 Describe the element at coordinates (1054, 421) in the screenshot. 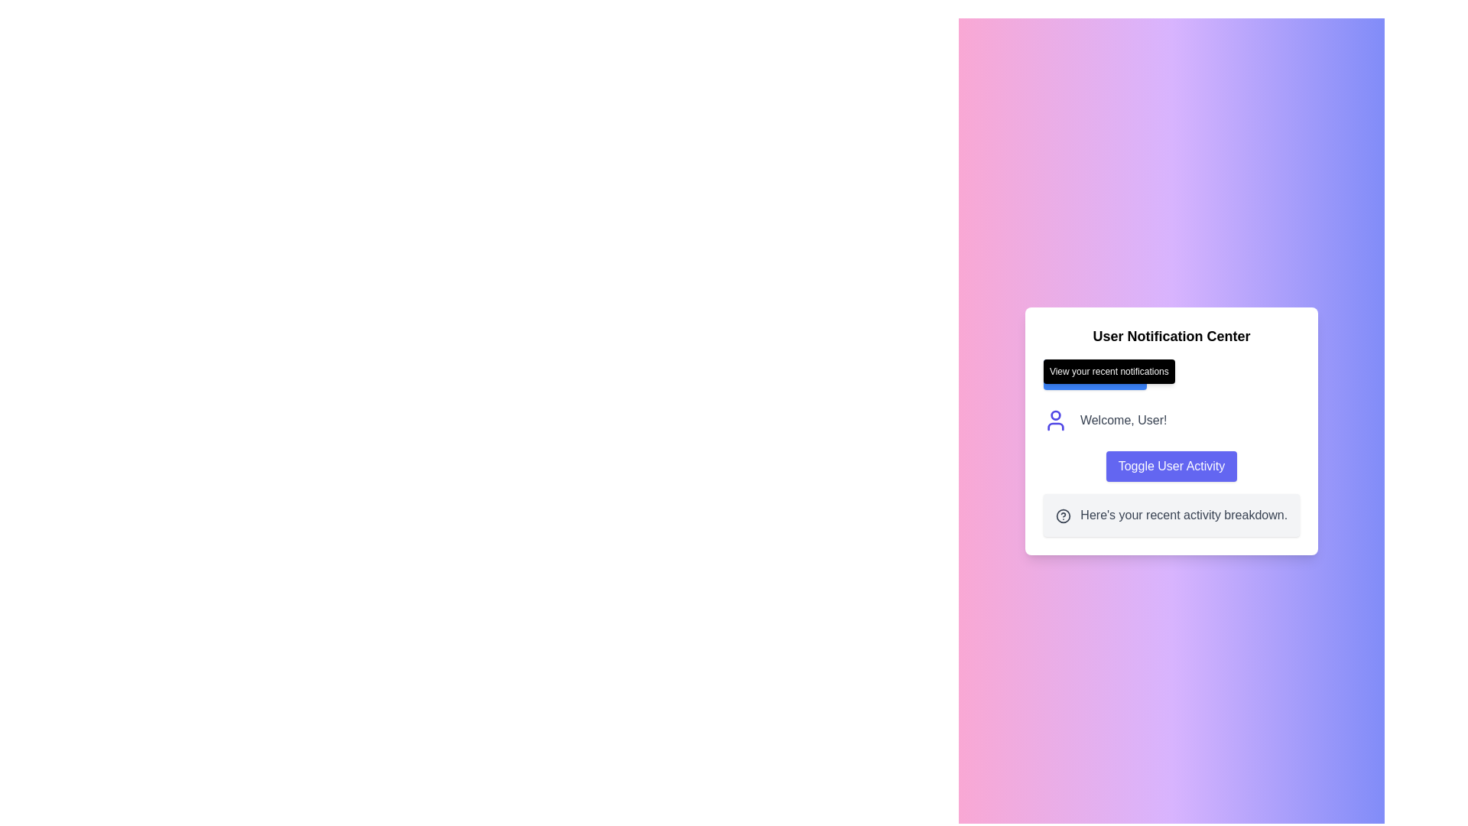

I see `the user profile icon located to the left of the text 'Welcome, User!' at the top-left of the user-related interface` at that location.